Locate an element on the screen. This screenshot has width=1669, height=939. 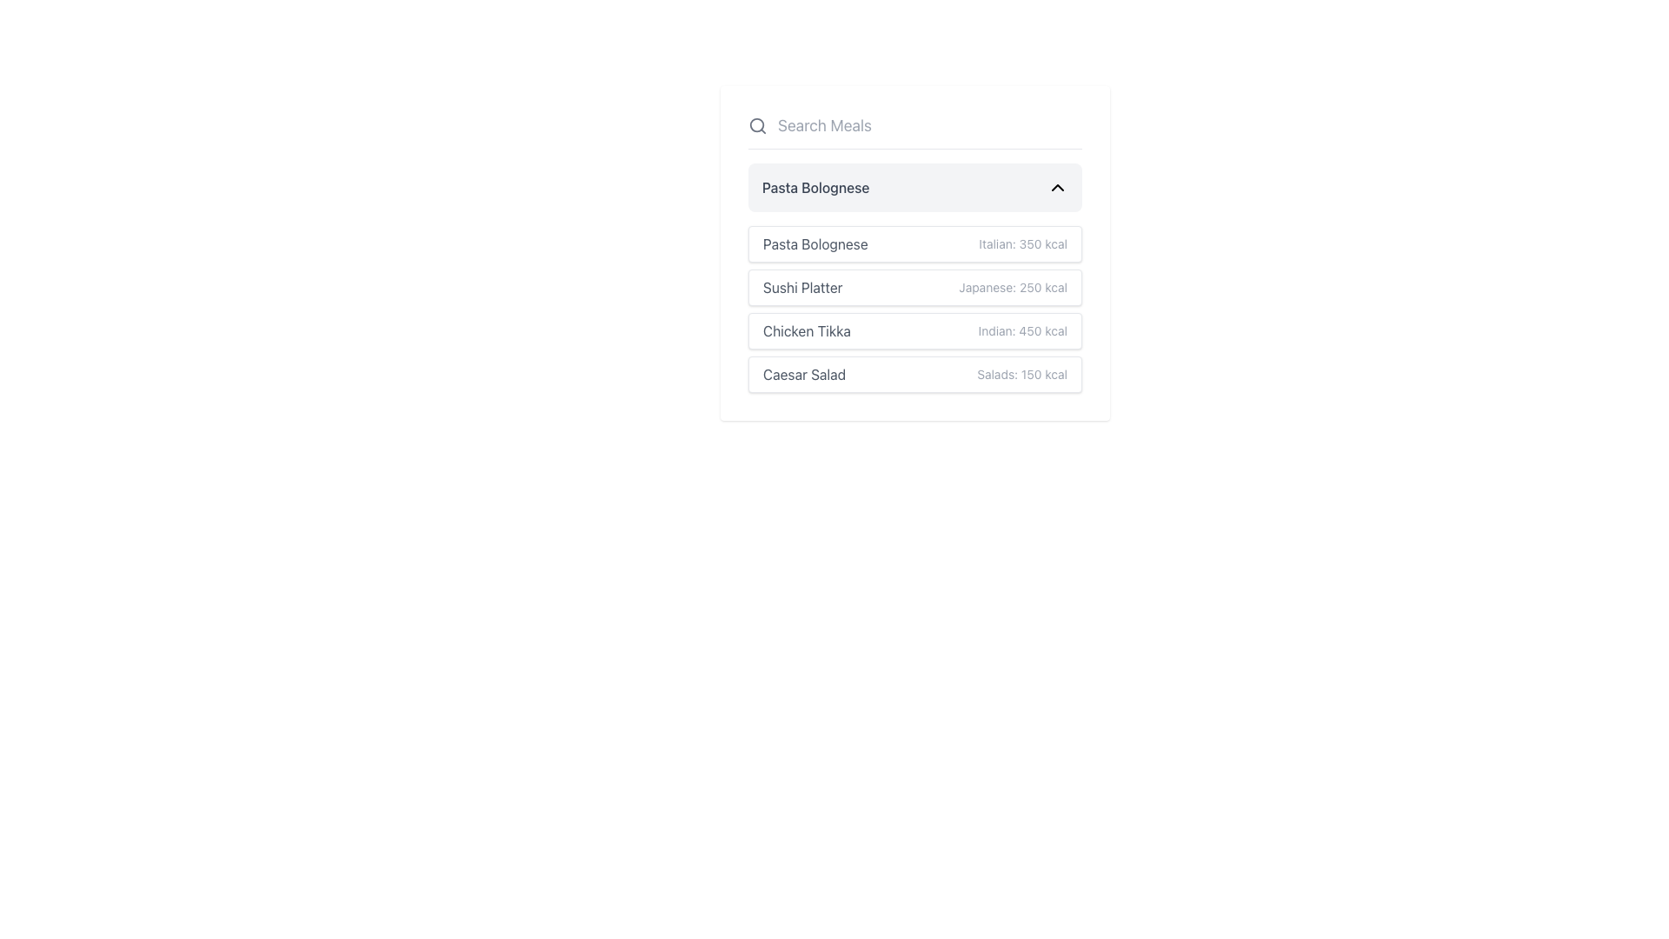
the 'Sushi Platter' selectable list item located in a dropdown menu, which is the second item in the list is located at coordinates (914, 287).